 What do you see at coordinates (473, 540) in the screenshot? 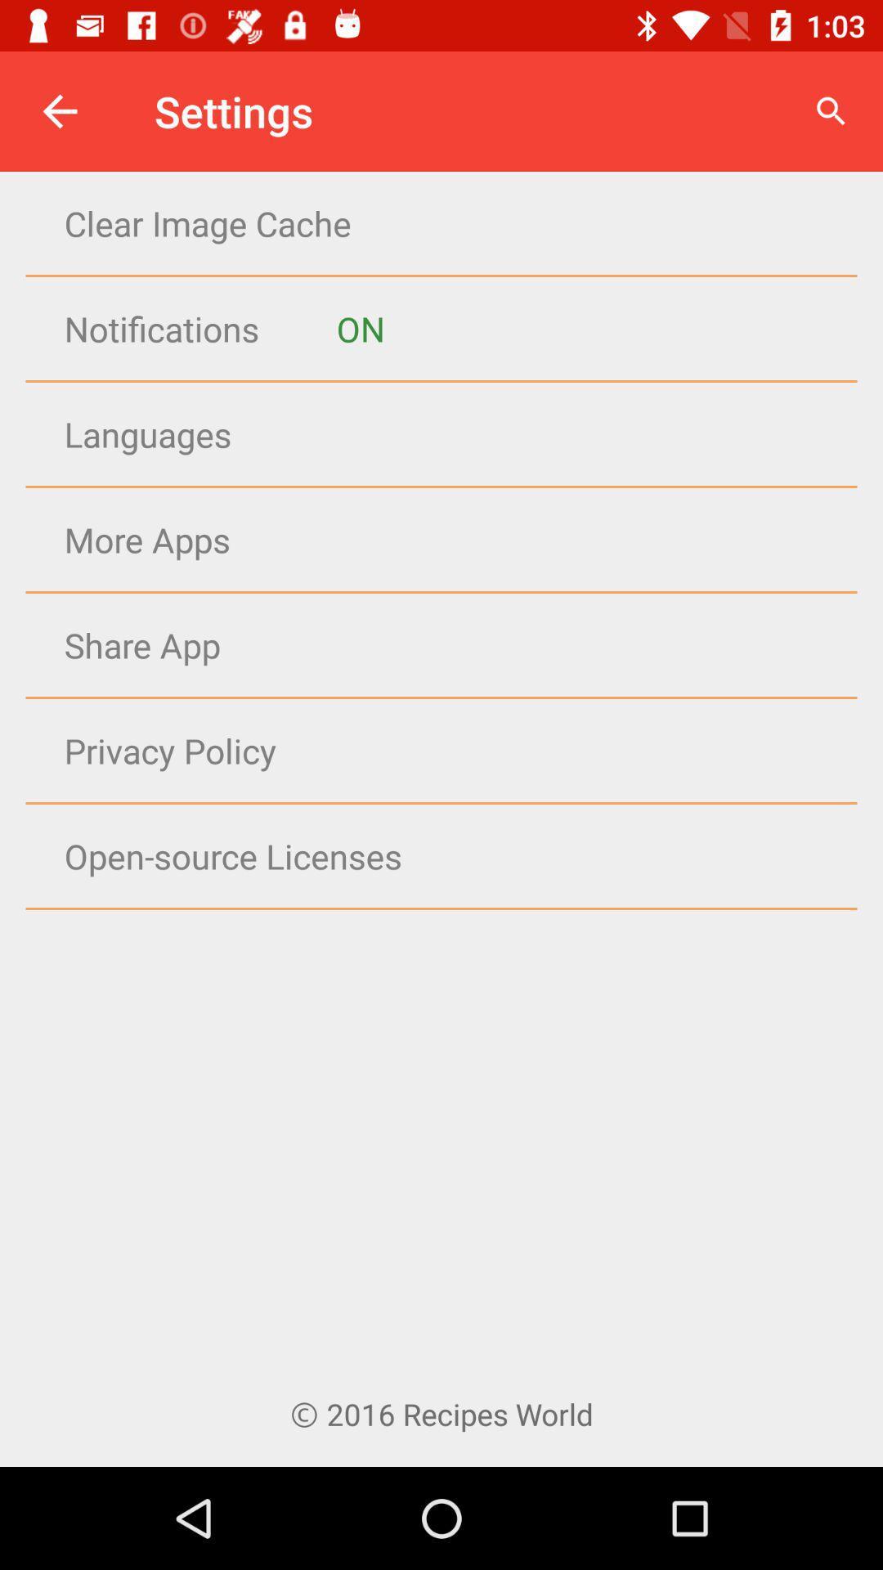
I see `the option above the share app` at bounding box center [473, 540].